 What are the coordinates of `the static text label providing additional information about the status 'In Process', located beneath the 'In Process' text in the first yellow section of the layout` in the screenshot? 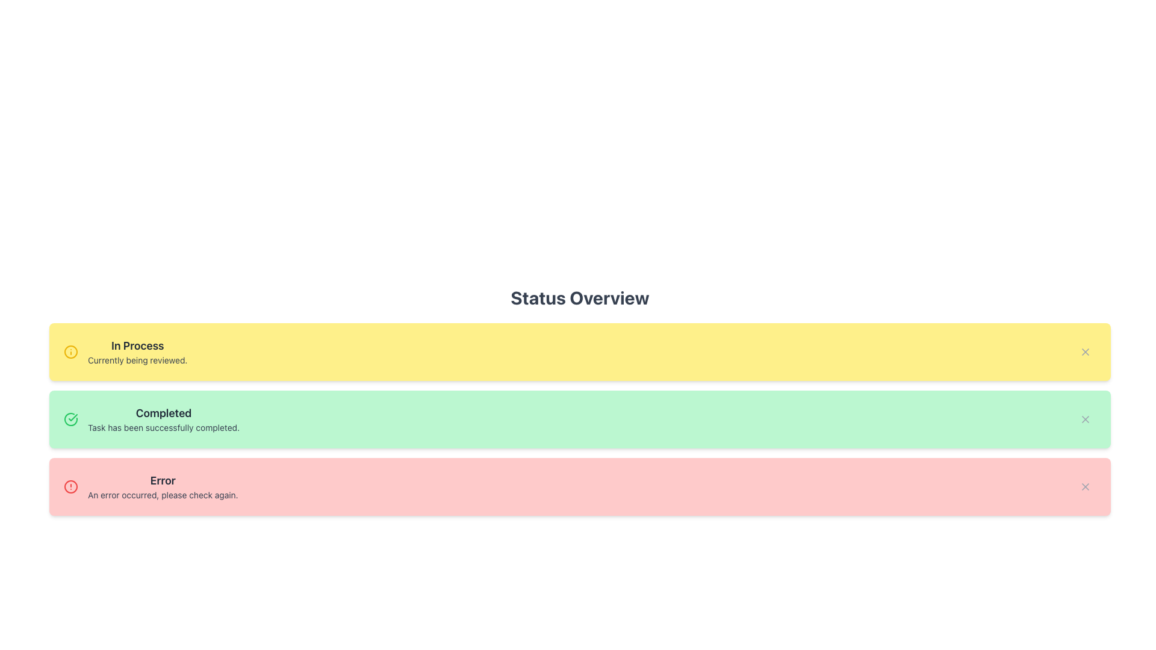 It's located at (137, 359).